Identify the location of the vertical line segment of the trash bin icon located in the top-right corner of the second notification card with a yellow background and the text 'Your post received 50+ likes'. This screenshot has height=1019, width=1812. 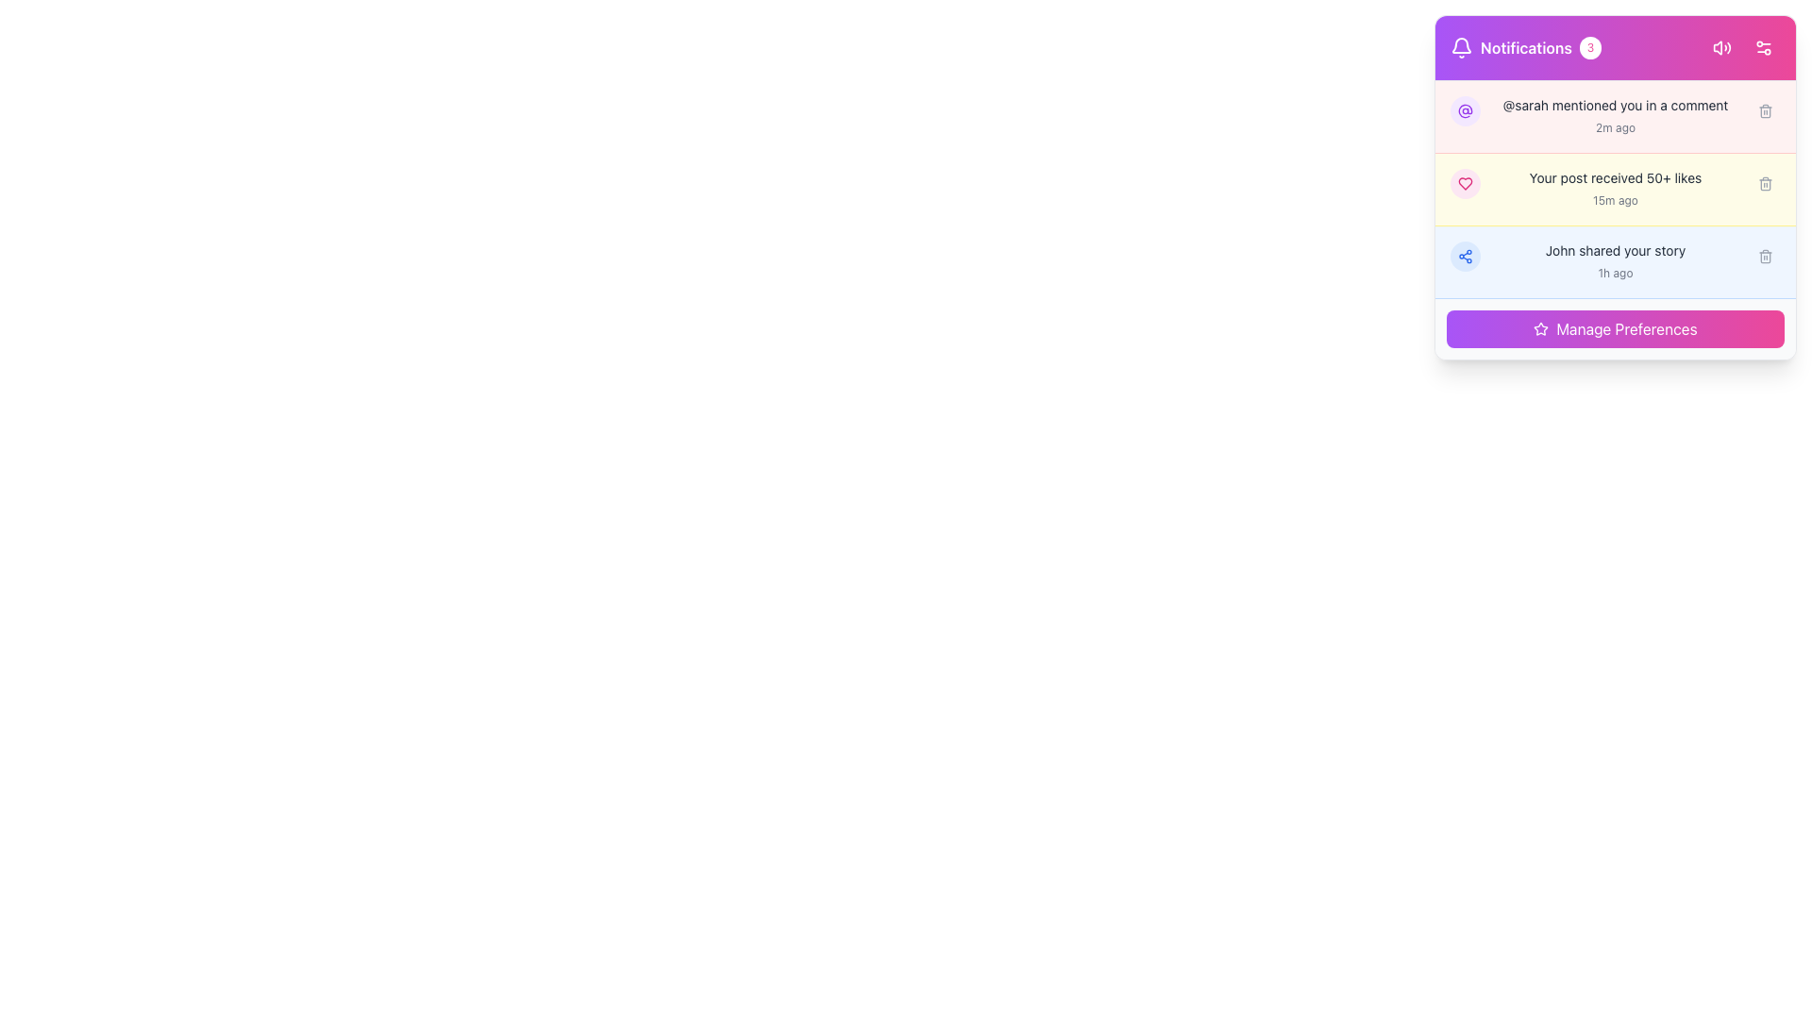
(1765, 185).